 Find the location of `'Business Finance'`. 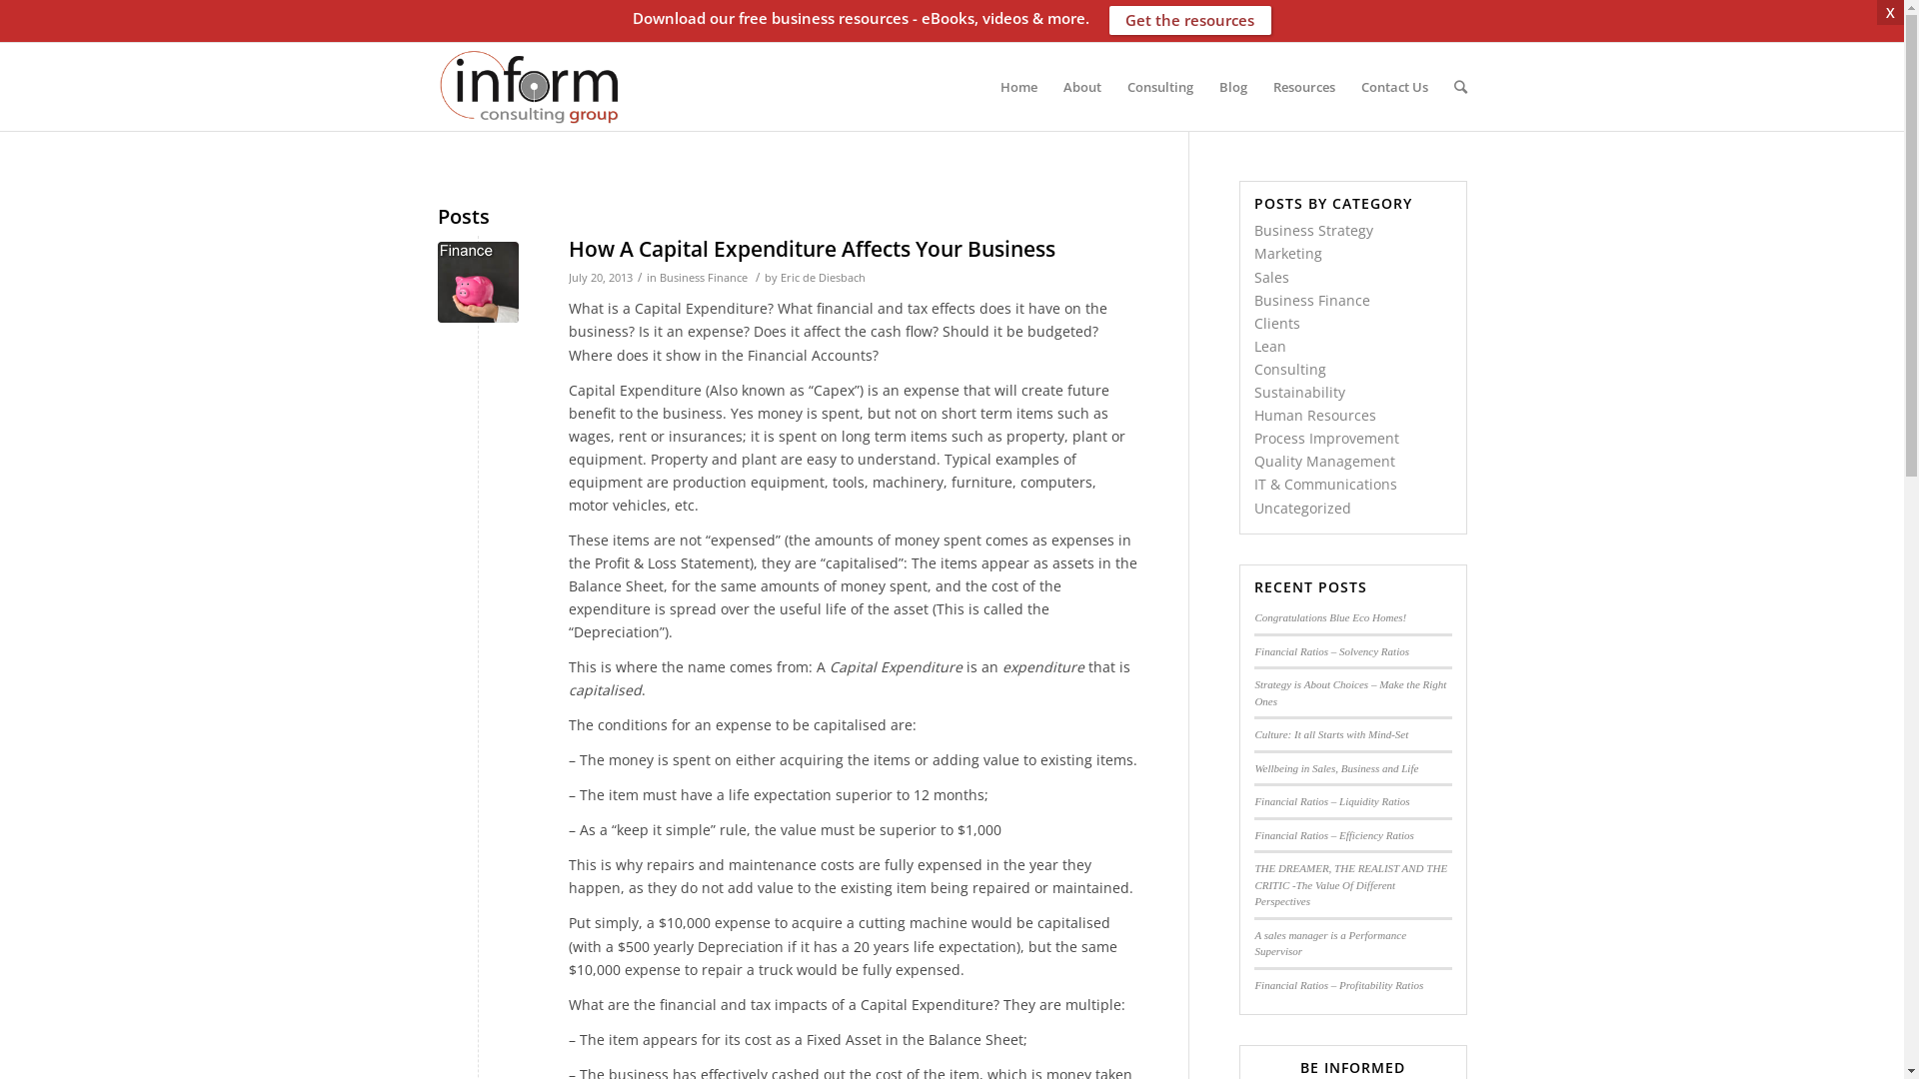

'Business Finance' is located at coordinates (1312, 300).